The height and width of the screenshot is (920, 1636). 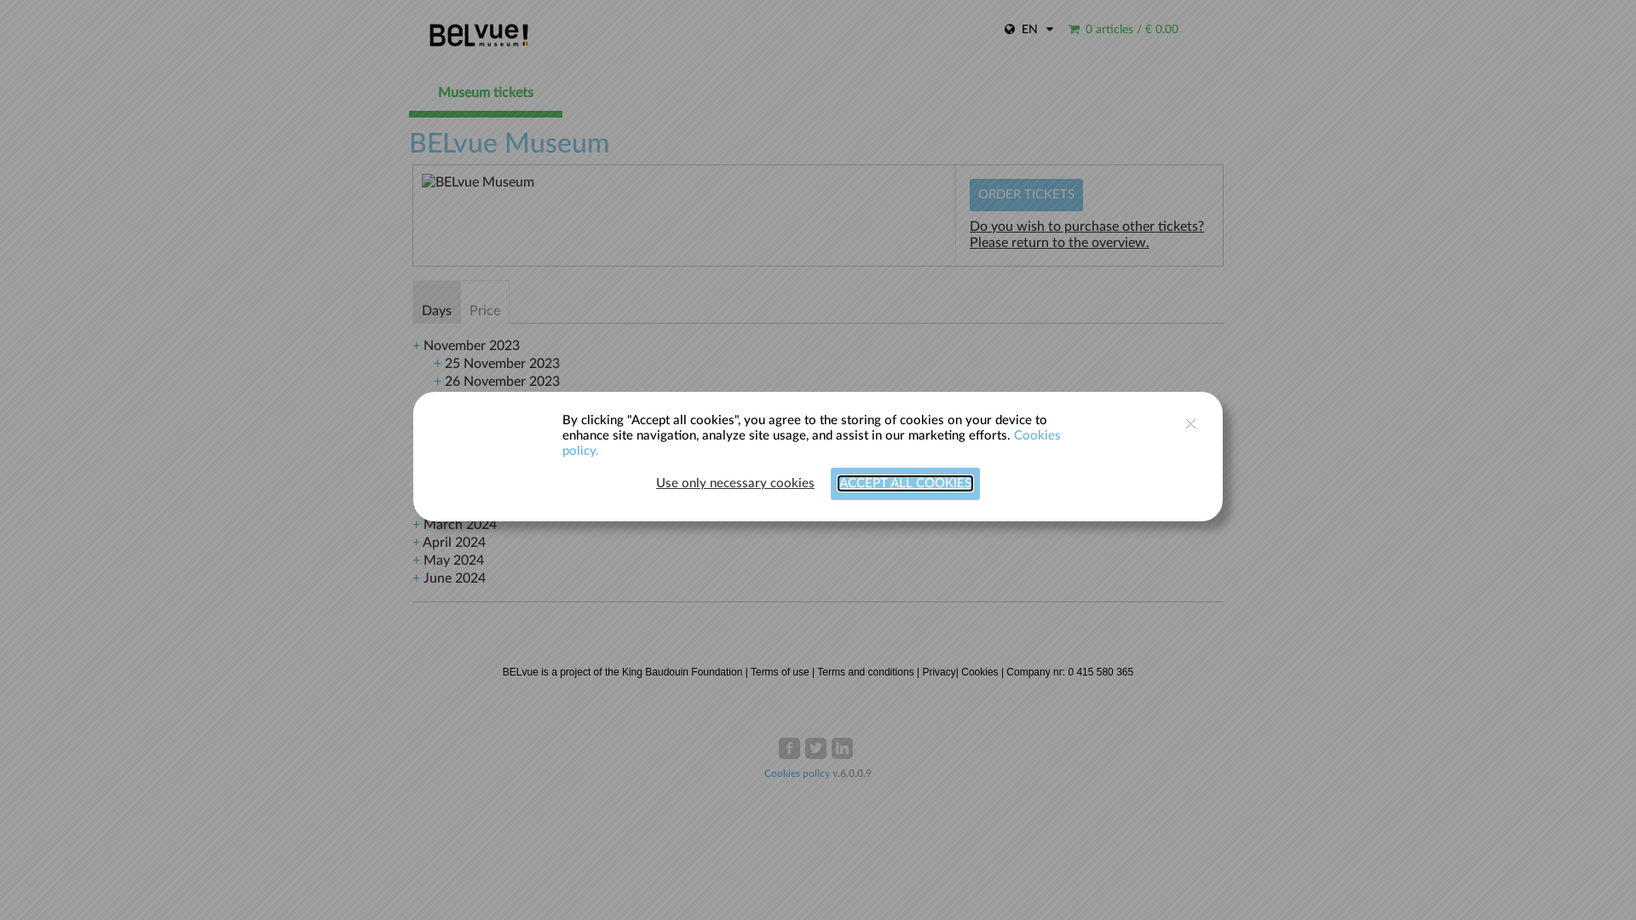 What do you see at coordinates (454, 577) in the screenshot?
I see `'June 2024'` at bounding box center [454, 577].